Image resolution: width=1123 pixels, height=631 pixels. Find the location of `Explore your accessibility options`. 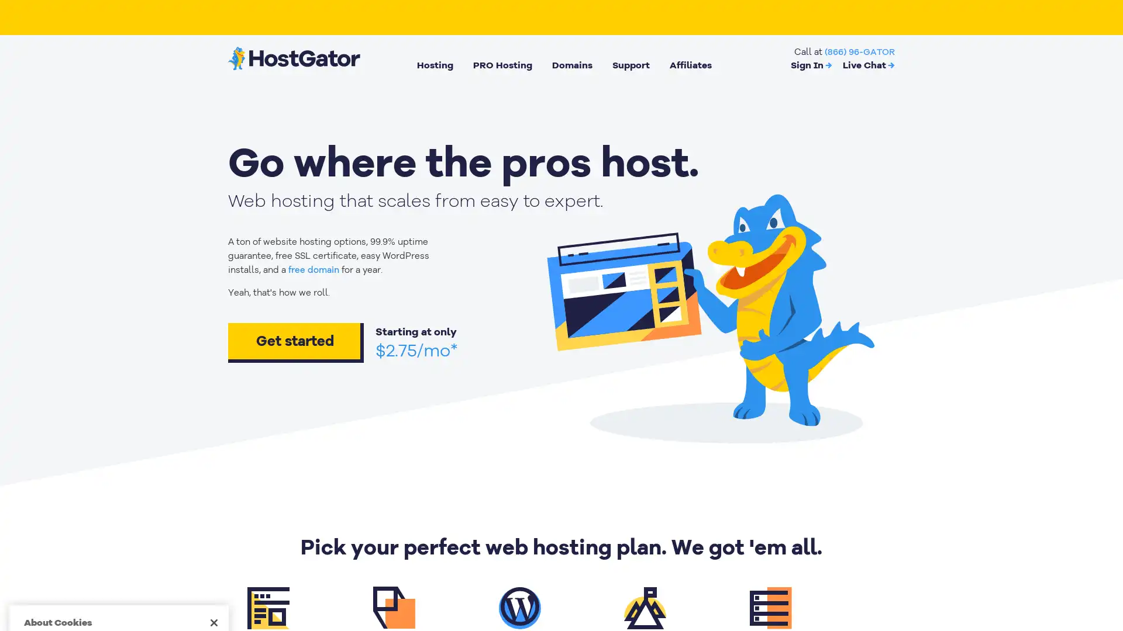

Explore your accessibility options is located at coordinates (1103, 571).